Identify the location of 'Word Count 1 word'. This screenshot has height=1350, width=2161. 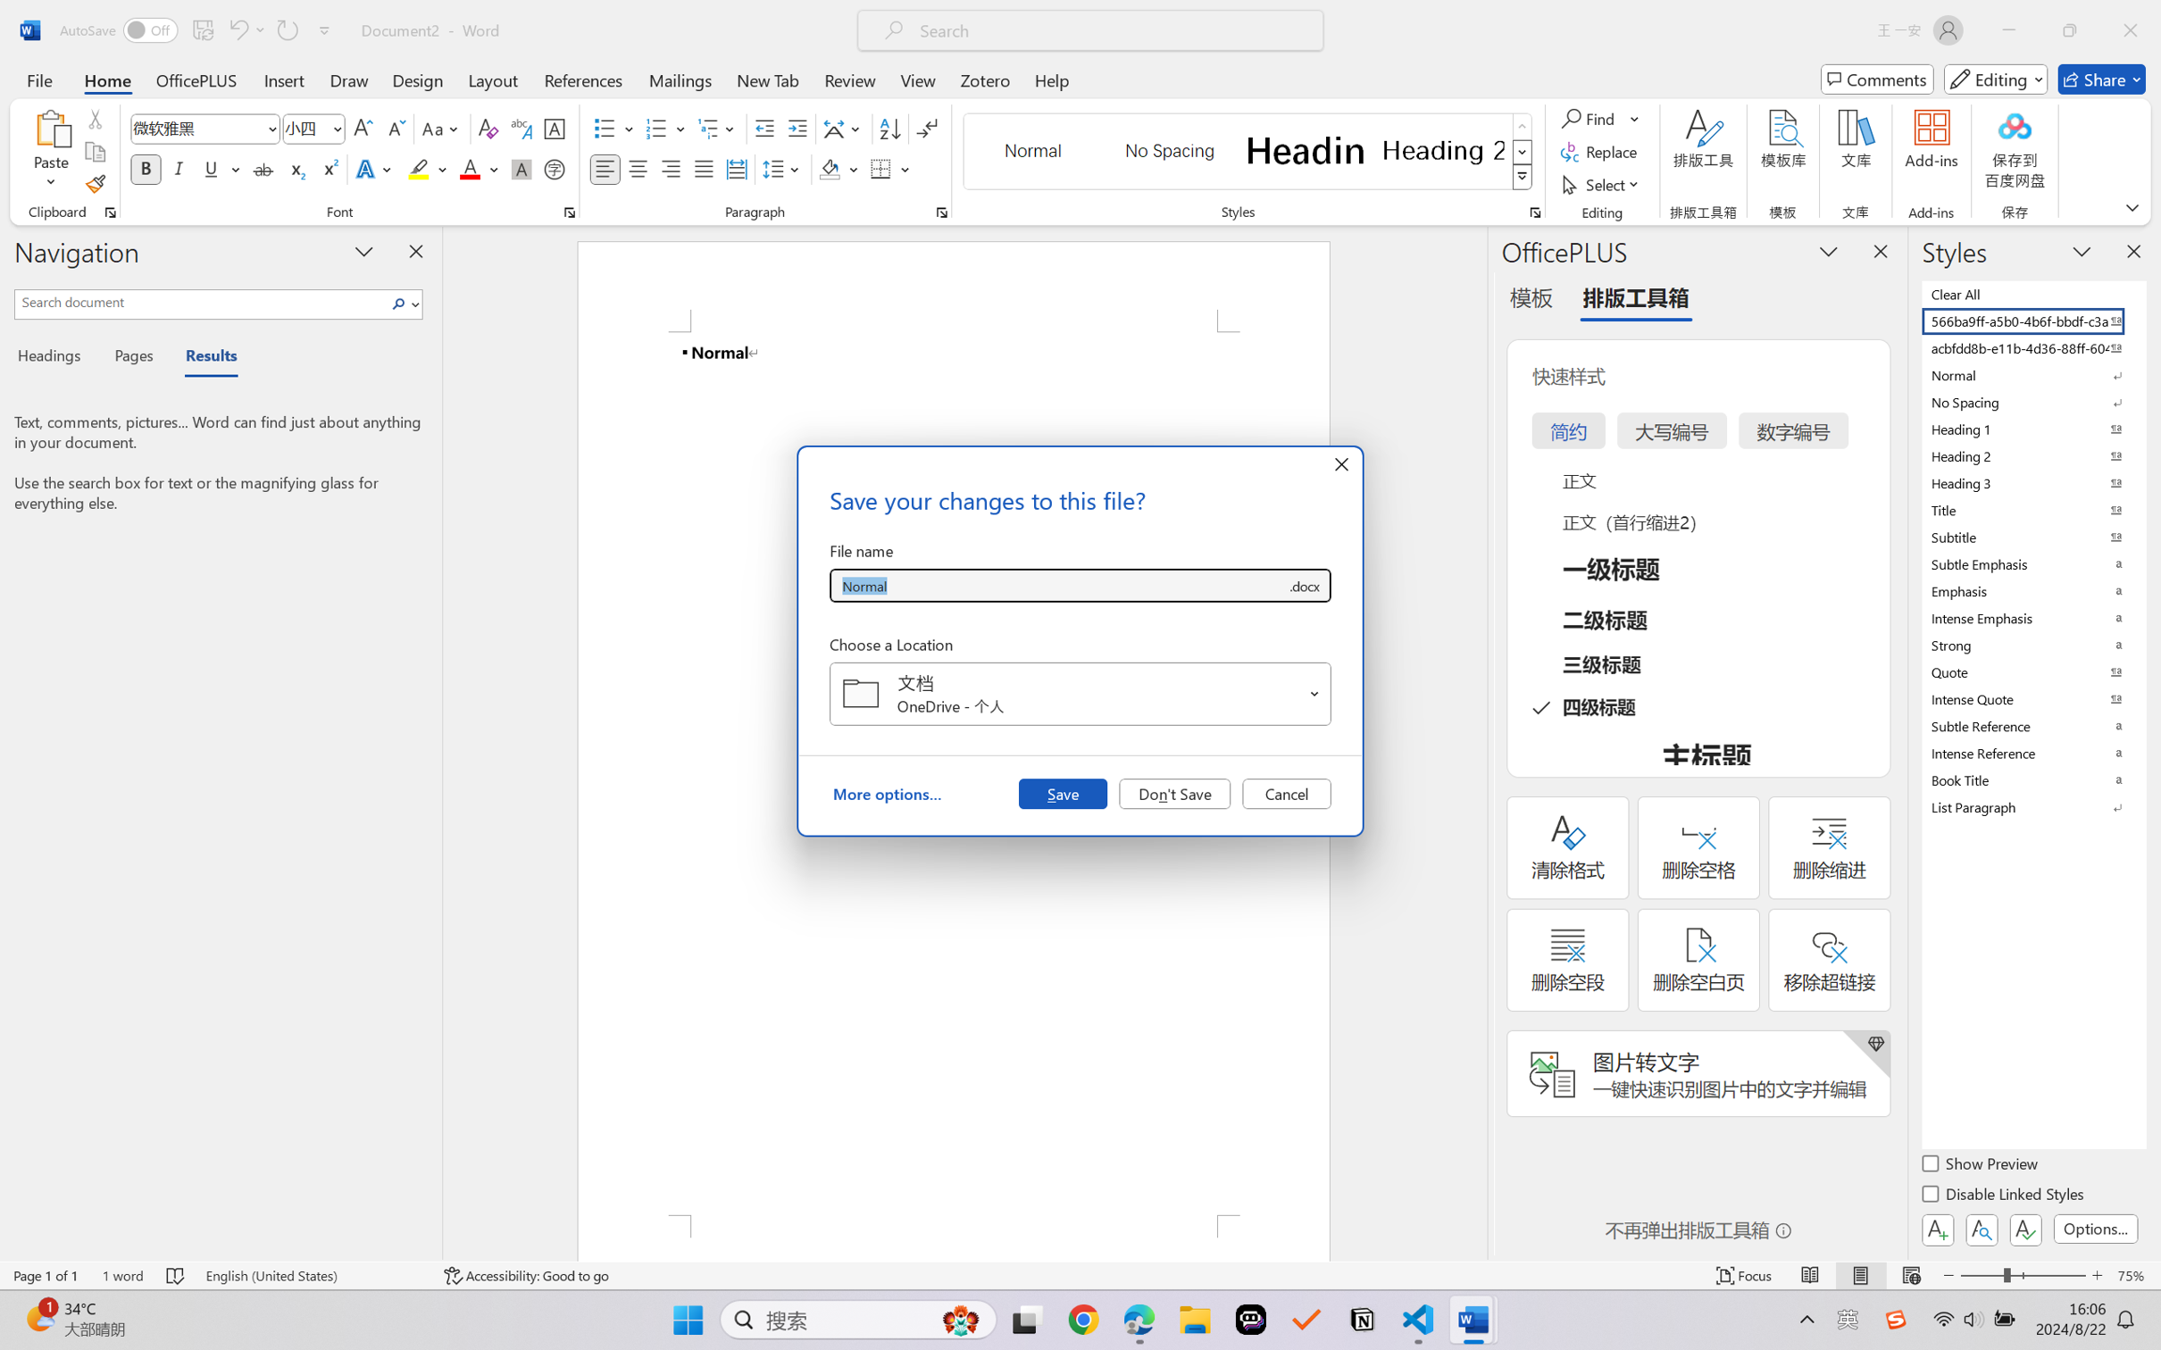
(122, 1275).